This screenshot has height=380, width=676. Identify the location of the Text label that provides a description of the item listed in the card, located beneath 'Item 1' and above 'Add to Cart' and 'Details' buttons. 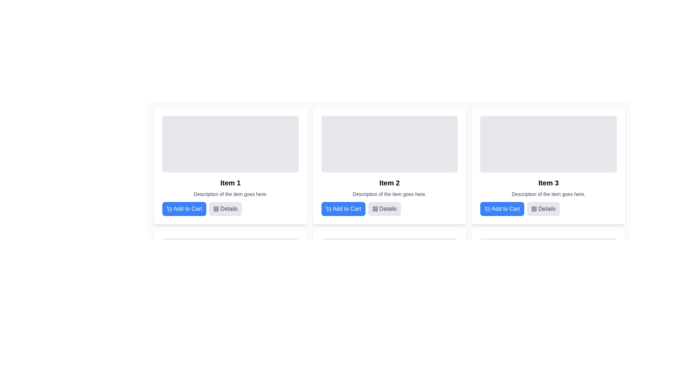
(230, 194).